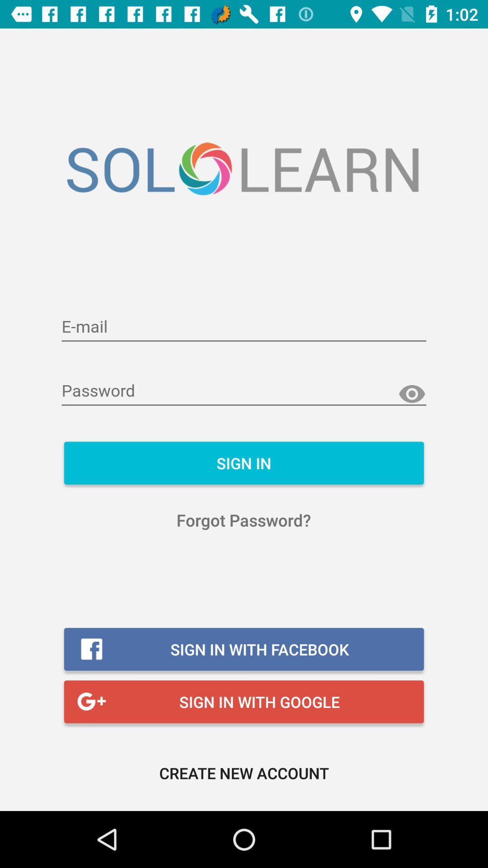 The width and height of the screenshot is (488, 868). I want to click on item above sign in with, so click(243, 520).